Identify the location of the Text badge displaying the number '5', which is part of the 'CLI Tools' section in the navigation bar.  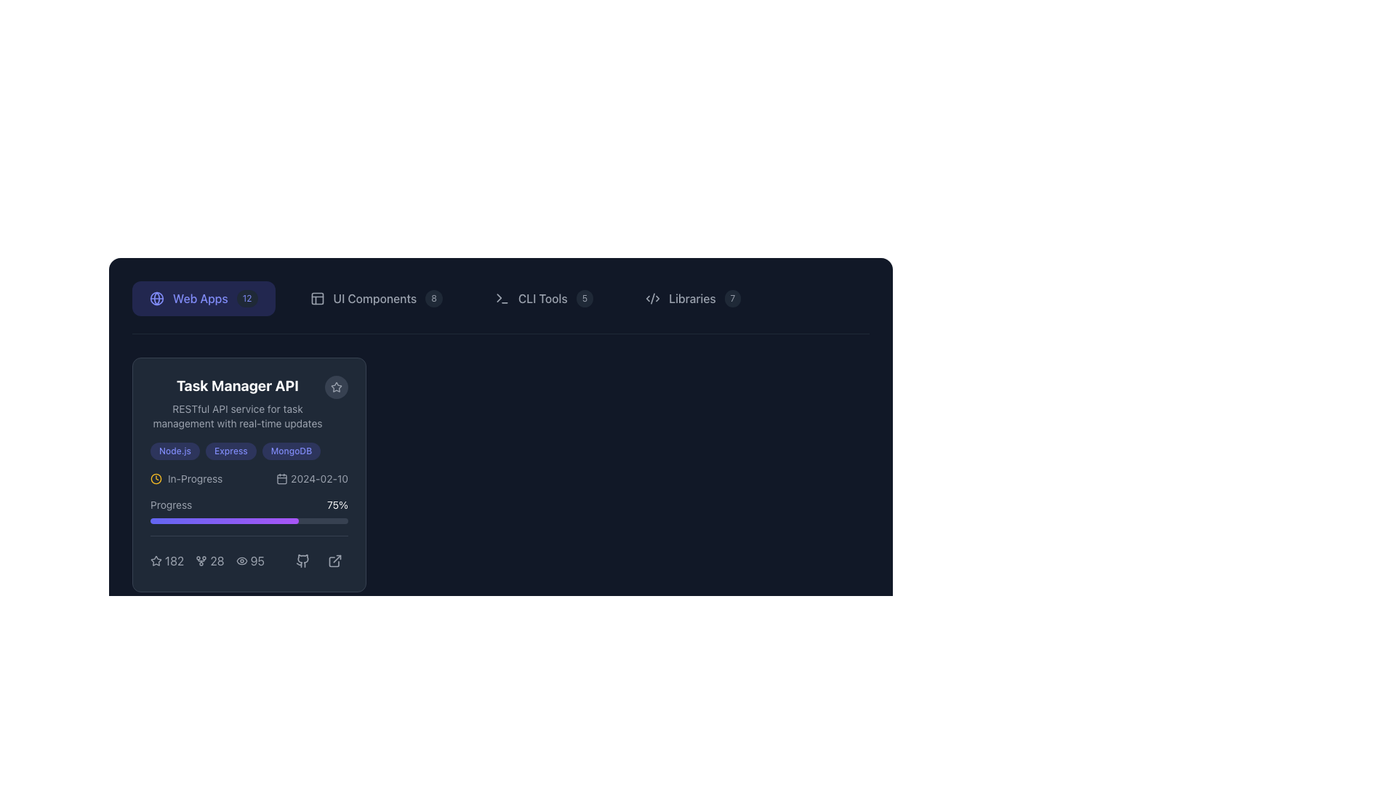
(585, 298).